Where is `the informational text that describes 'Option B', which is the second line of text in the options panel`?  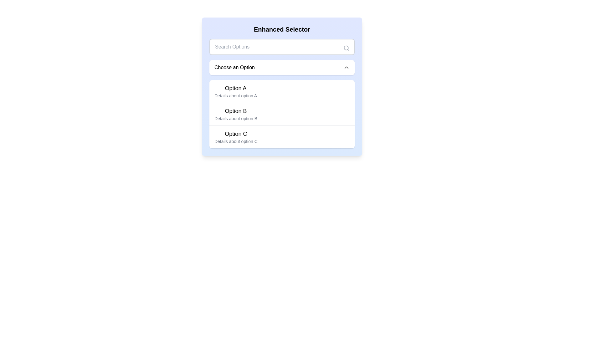 the informational text that describes 'Option B', which is the second line of text in the options panel is located at coordinates (235, 118).